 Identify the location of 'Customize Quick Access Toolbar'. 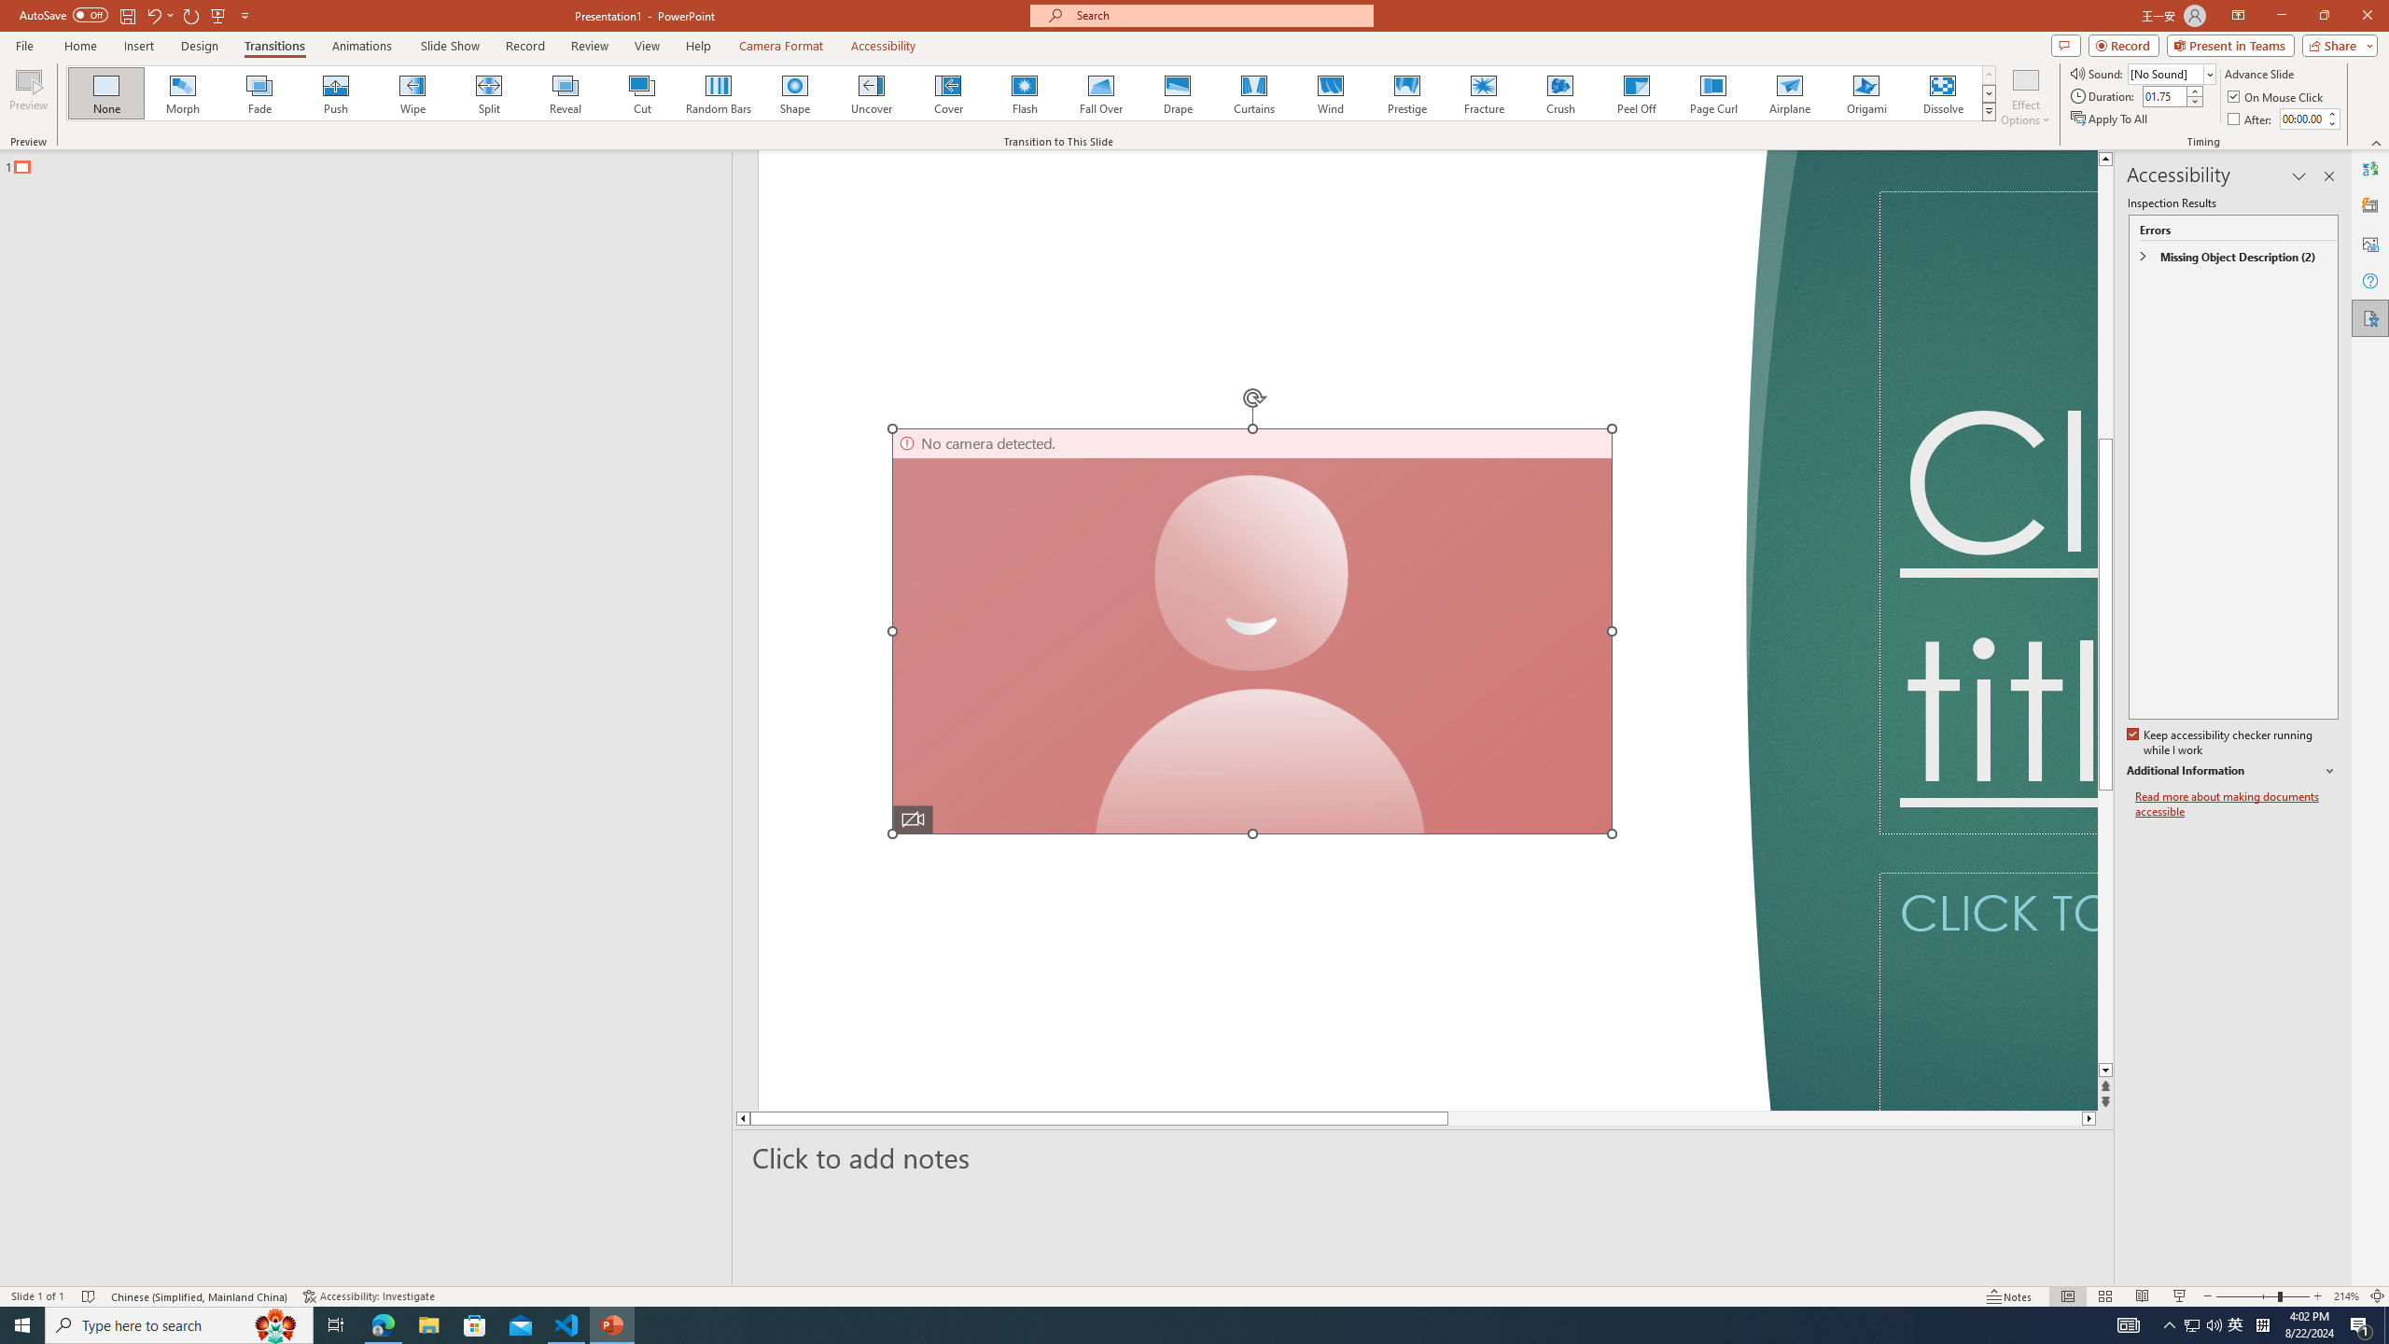
(244, 14).